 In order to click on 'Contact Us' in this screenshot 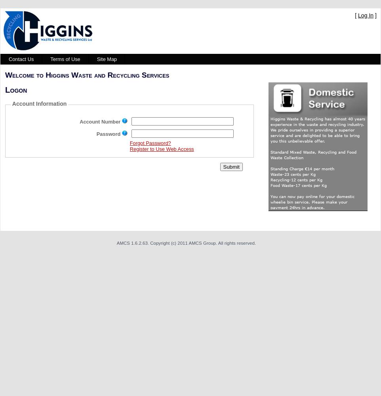, I will do `click(21, 59)`.